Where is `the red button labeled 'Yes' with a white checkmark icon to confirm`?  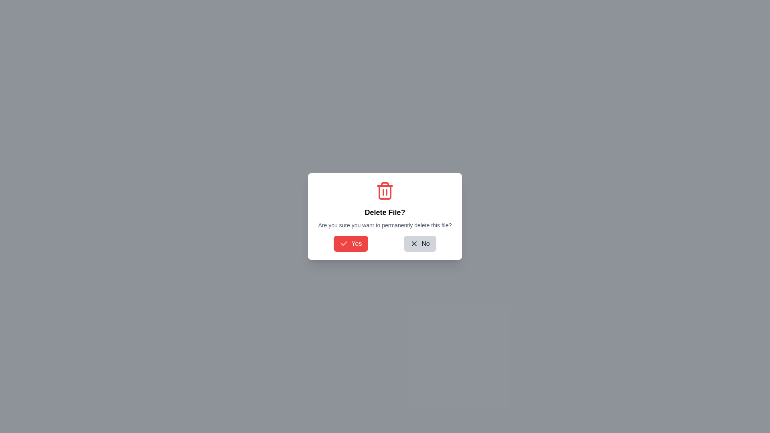 the red button labeled 'Yes' with a white checkmark icon to confirm is located at coordinates (351, 243).